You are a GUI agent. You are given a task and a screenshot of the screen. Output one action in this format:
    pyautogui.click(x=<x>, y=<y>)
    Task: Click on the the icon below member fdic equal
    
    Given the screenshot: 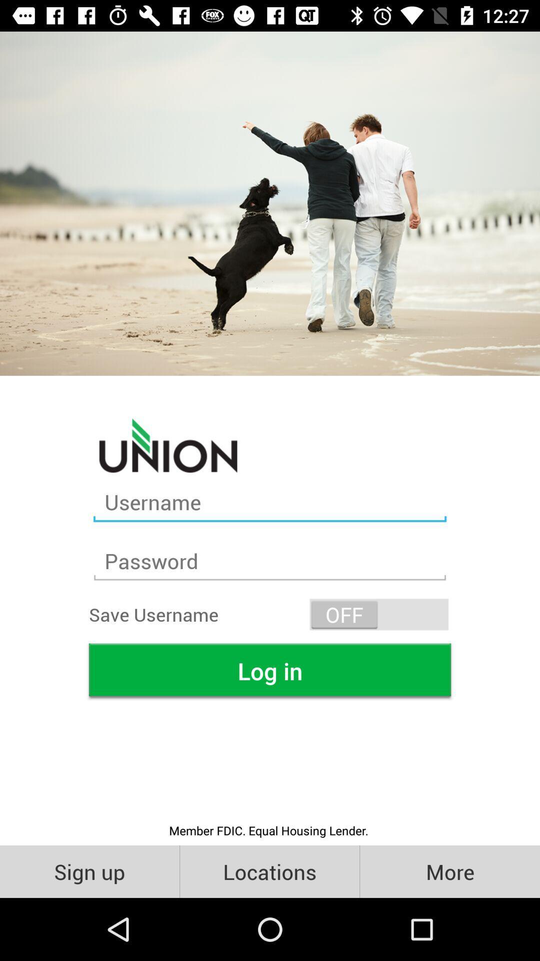 What is the action you would take?
    pyautogui.click(x=89, y=871)
    